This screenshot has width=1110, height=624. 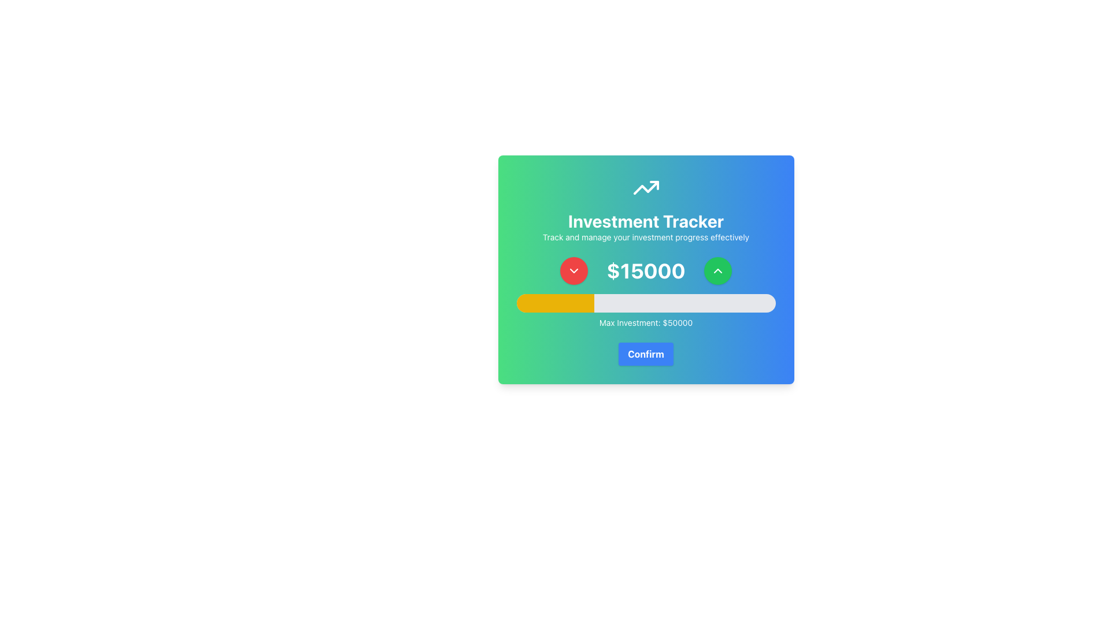 What do you see at coordinates (682, 302) in the screenshot?
I see `progress` at bounding box center [682, 302].